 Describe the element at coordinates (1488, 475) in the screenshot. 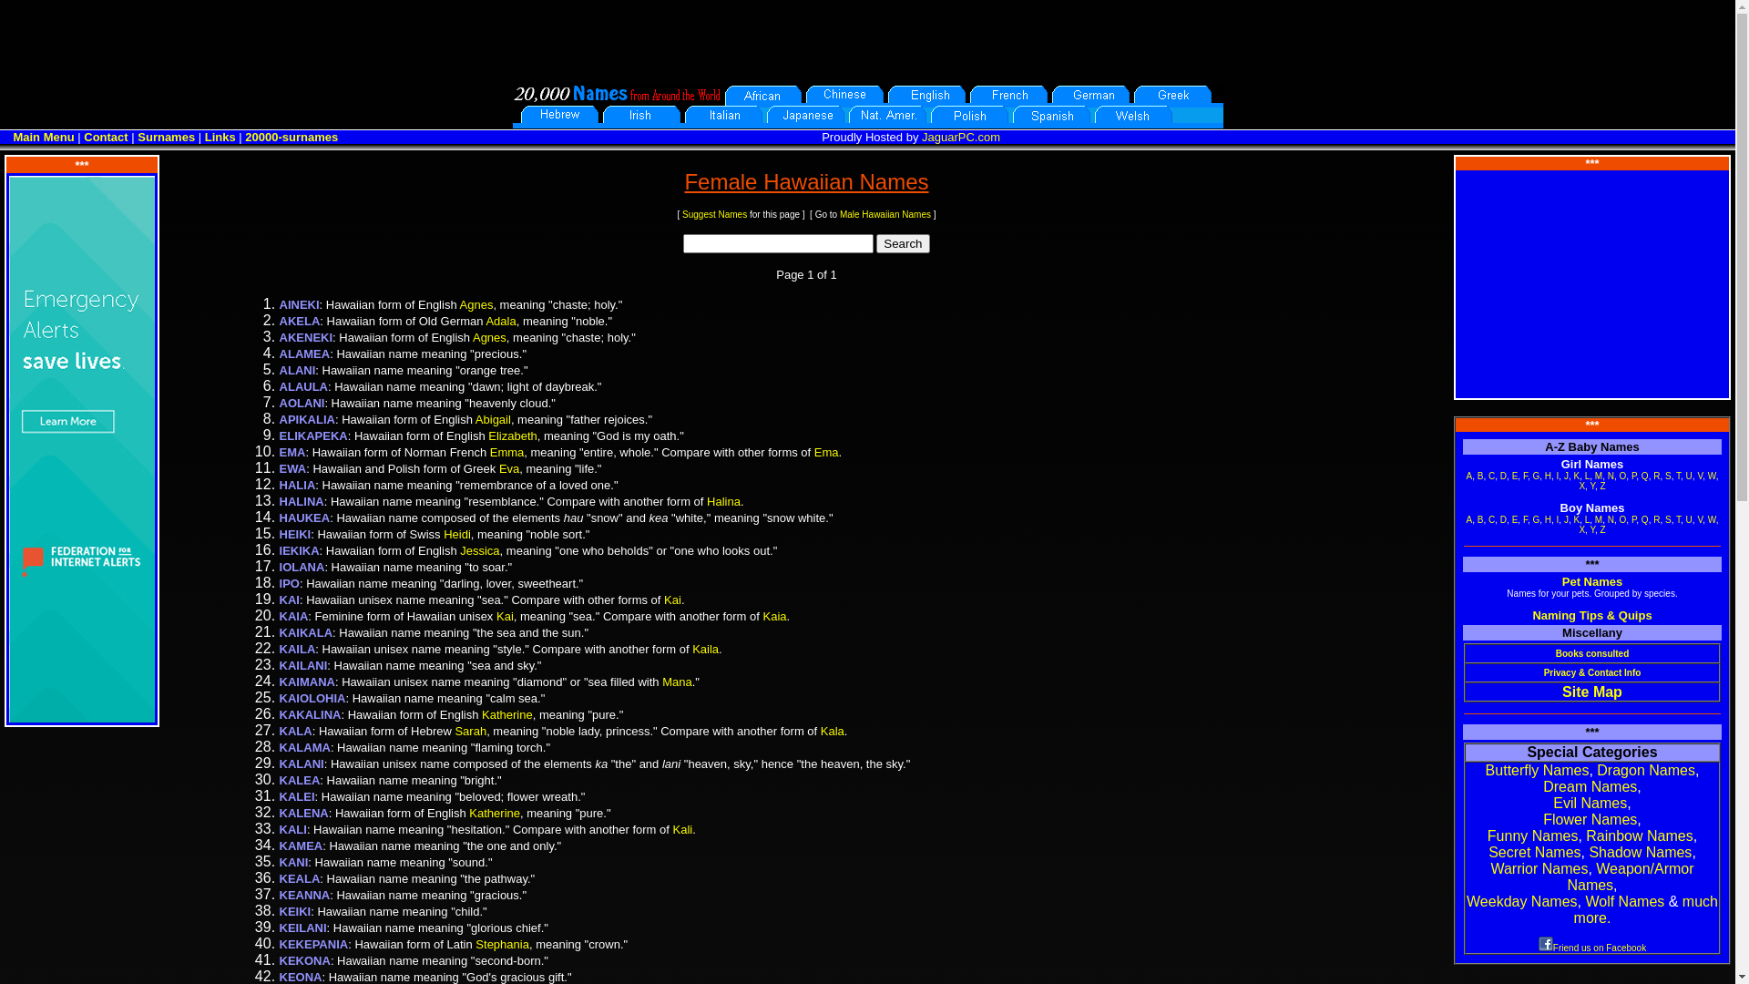

I see `'C'` at that location.